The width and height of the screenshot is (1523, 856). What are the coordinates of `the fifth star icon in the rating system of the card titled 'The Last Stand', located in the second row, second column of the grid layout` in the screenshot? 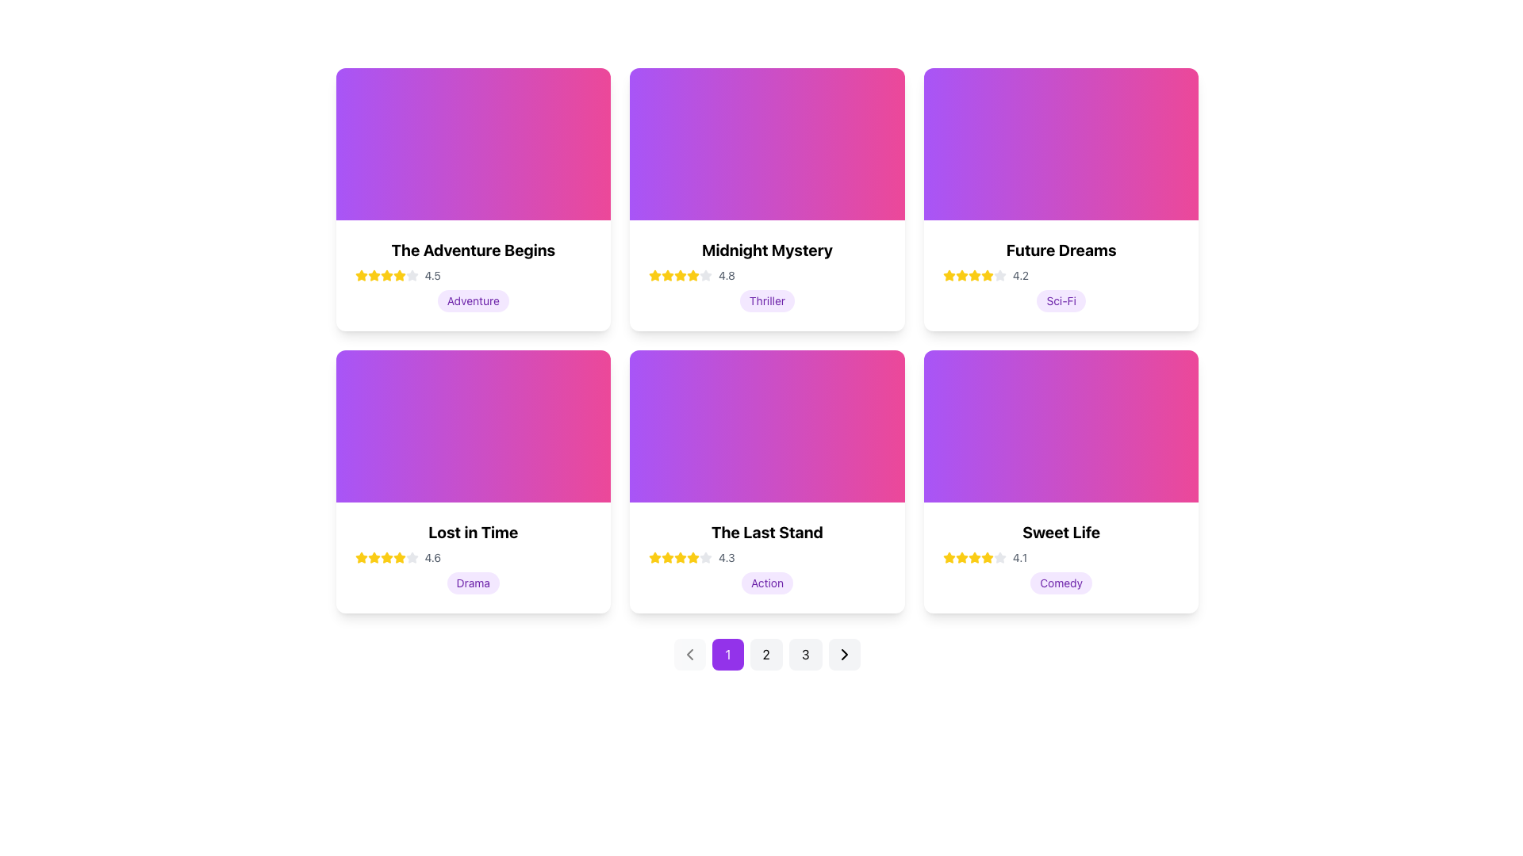 It's located at (705, 557).